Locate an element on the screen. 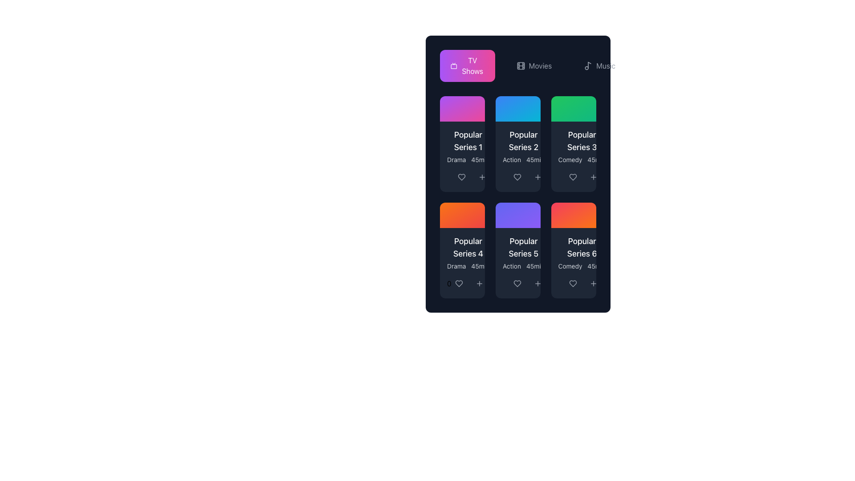 The image size is (855, 481). the text label displaying 'Action 45min' located beneath the title 'Popular Series 2' in the card layout is located at coordinates (524, 159).